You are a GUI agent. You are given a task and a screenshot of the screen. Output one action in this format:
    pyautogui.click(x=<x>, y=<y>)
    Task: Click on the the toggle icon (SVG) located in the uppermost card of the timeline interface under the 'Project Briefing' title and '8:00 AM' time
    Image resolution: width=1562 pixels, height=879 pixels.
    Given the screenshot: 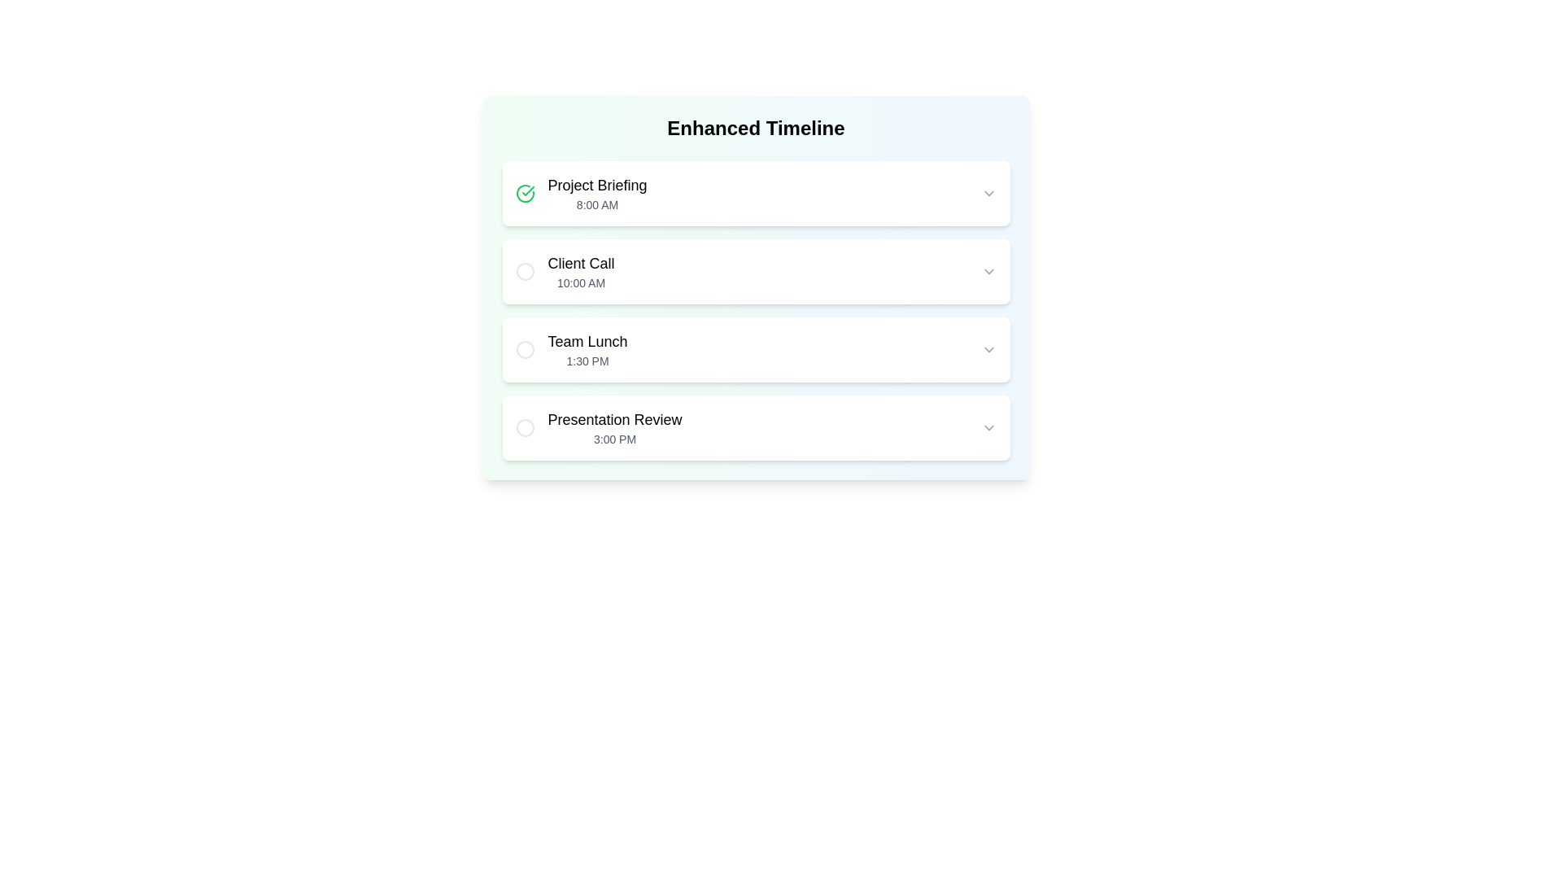 What is the action you would take?
    pyautogui.click(x=988, y=193)
    